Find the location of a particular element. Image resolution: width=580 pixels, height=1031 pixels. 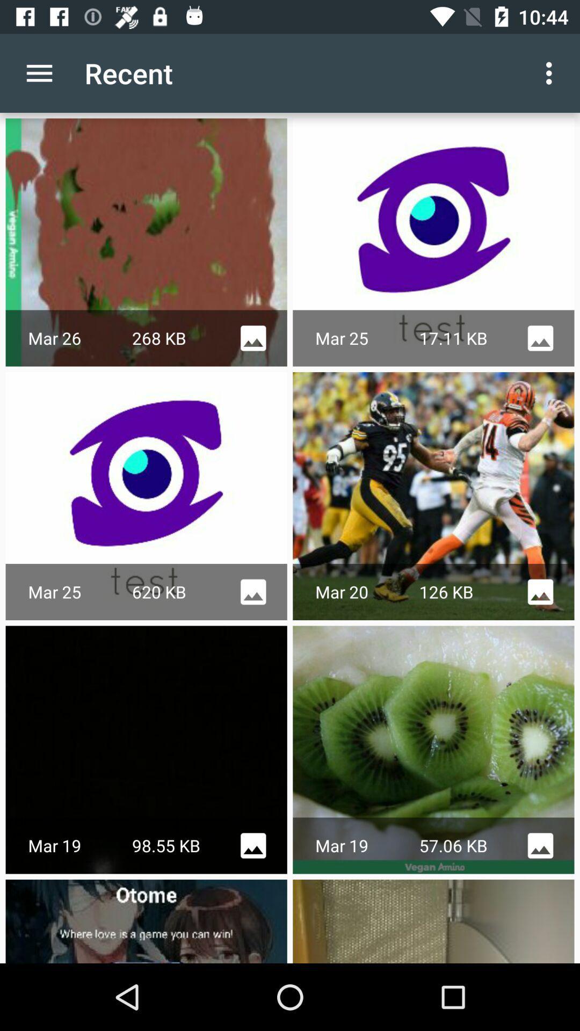

the three dots button on the top right side of the web page is located at coordinates (552, 73).